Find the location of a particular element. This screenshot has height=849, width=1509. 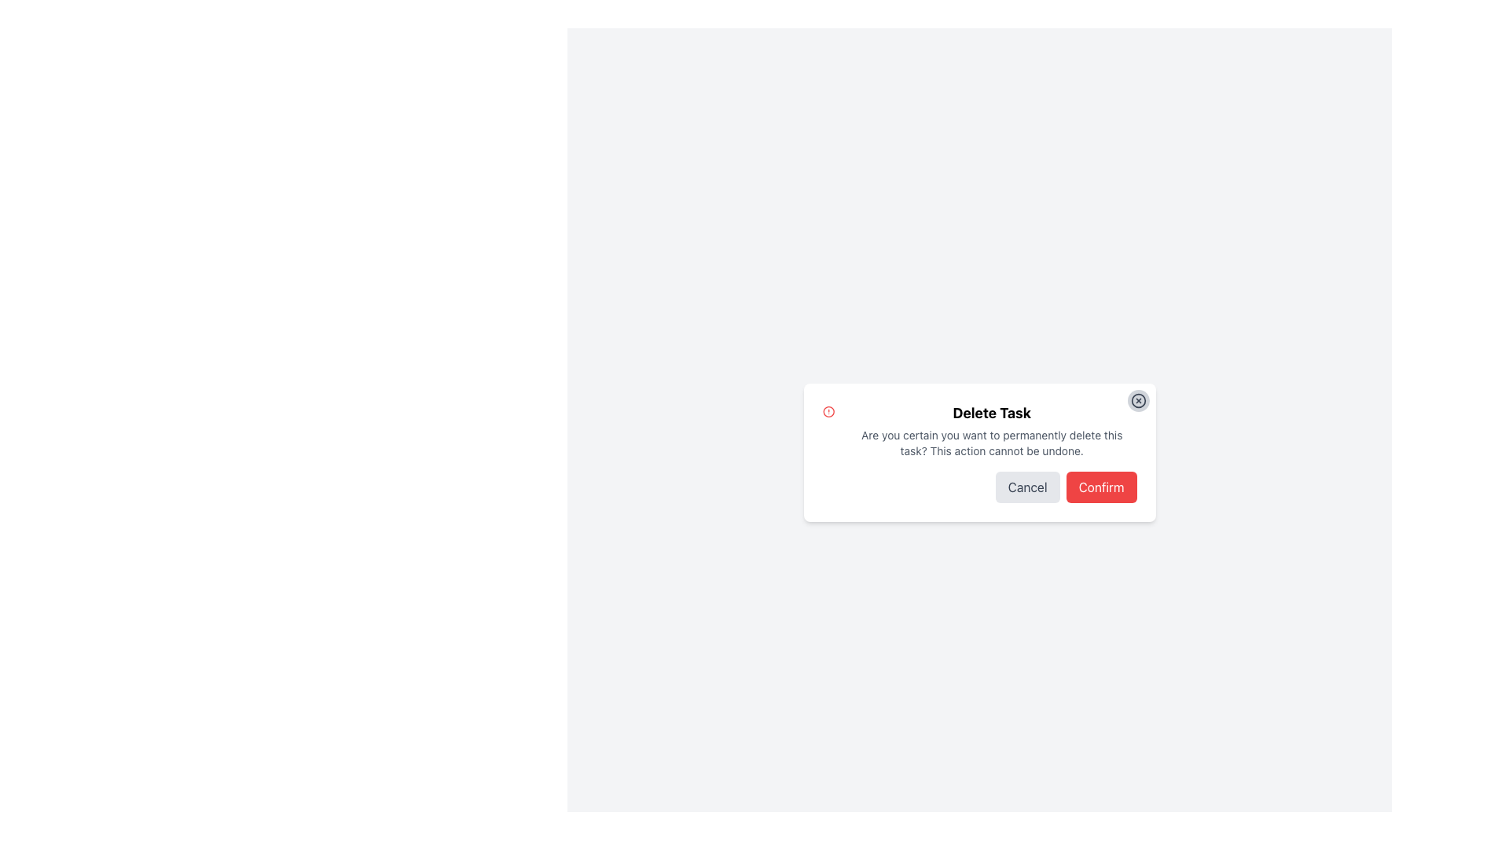

the static informational text that states 'Are you certain you want to permanently delete this task? This action cannot be undone.' which is located below the title 'Delete Task' in the confirmation dialog is located at coordinates (991, 443).